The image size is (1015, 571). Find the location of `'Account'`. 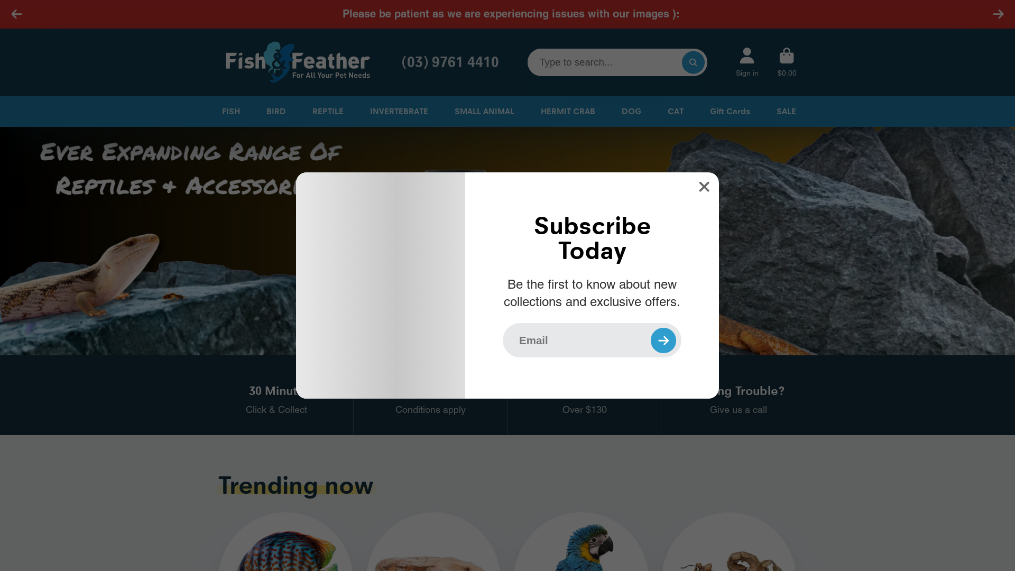

'Account' is located at coordinates (746, 62).